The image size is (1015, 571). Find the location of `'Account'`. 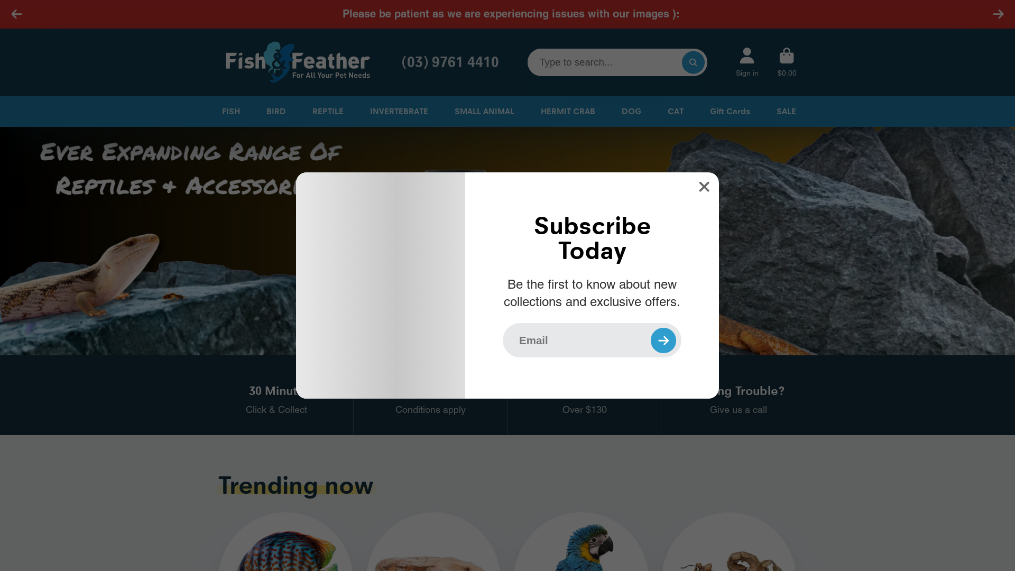

'Account' is located at coordinates (746, 62).